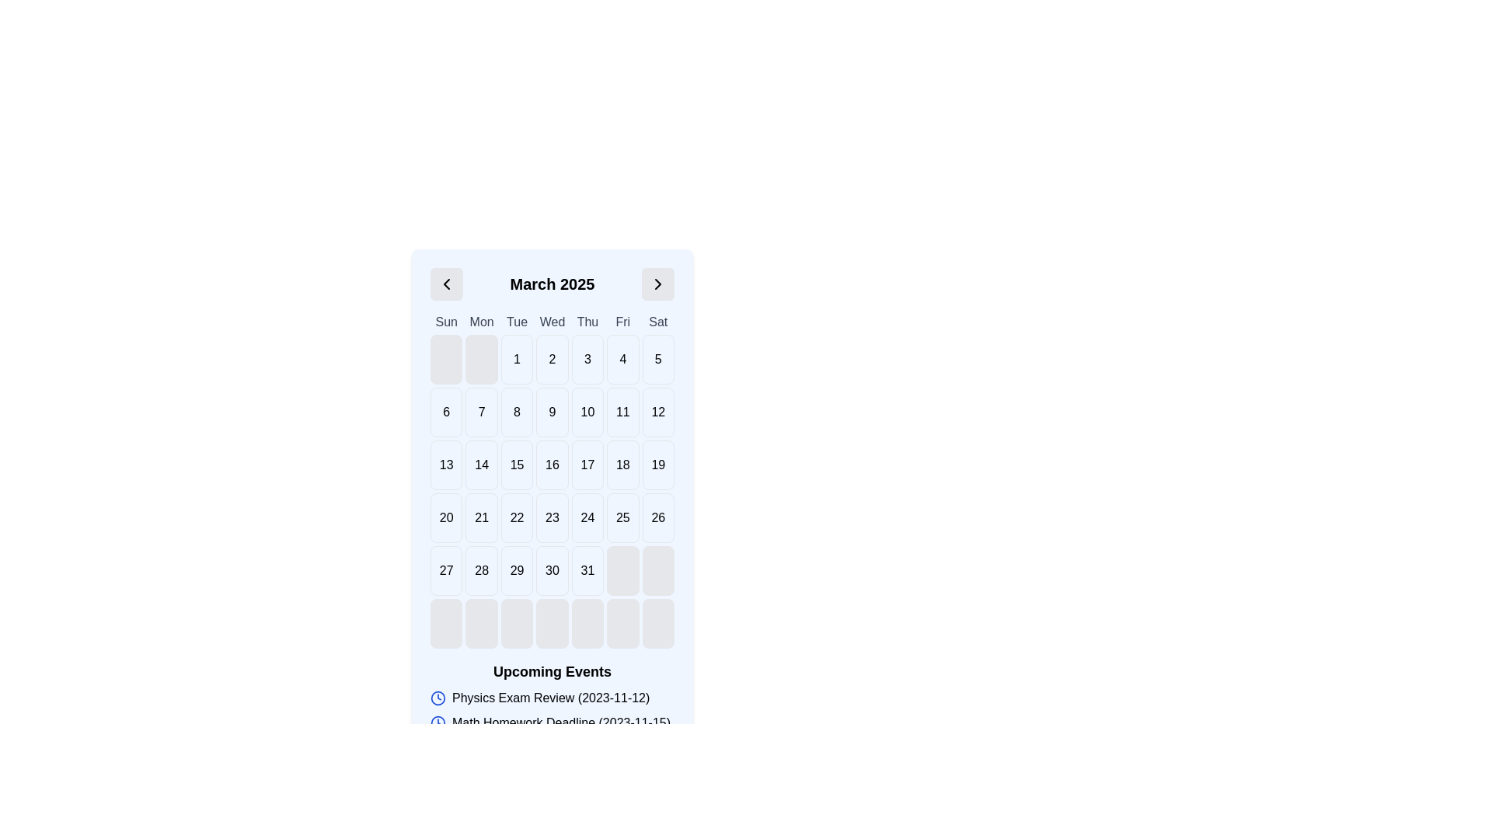 Image resolution: width=1492 pixels, height=839 pixels. What do you see at coordinates (445, 412) in the screenshot?
I see `the Calendar date tile representing the 6th day of the month, located in the second row and first column of the calendar grid` at bounding box center [445, 412].